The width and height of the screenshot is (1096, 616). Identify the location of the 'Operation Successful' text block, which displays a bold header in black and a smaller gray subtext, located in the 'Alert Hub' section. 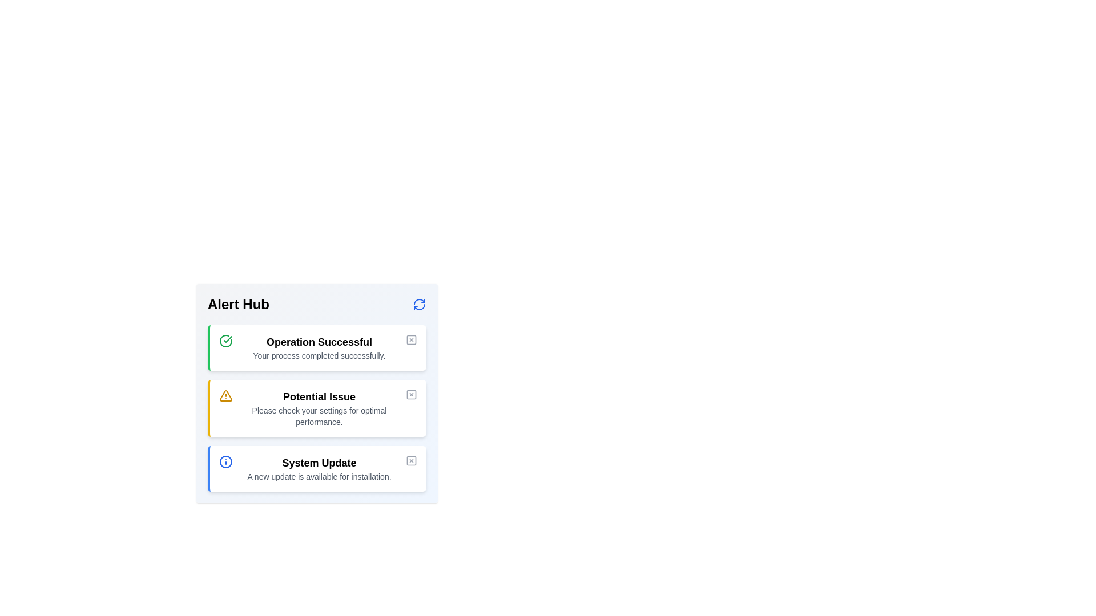
(319, 347).